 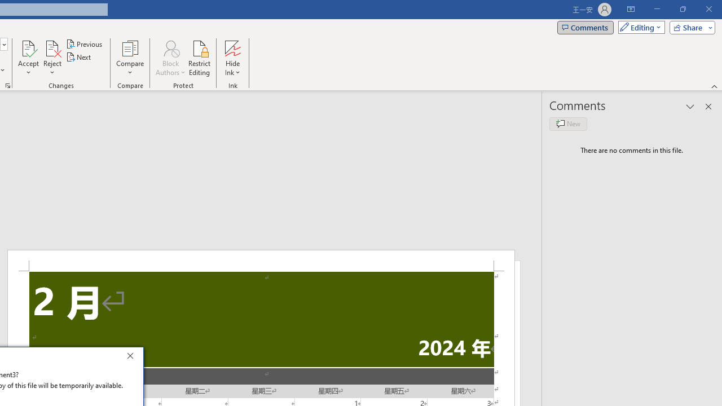 I want to click on 'Previous', so click(x=85, y=43).